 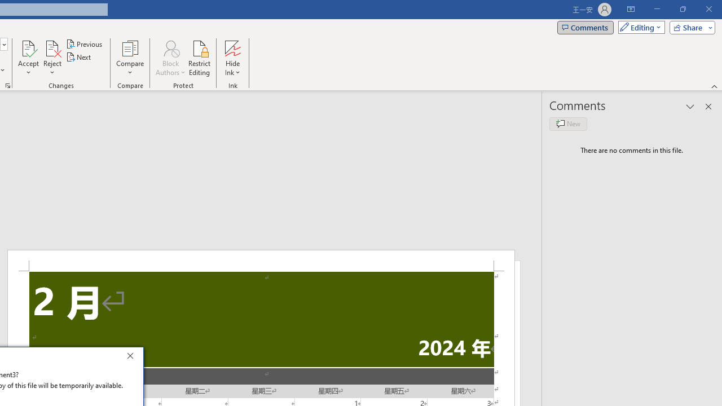 I want to click on 'Previous', so click(x=85, y=43).